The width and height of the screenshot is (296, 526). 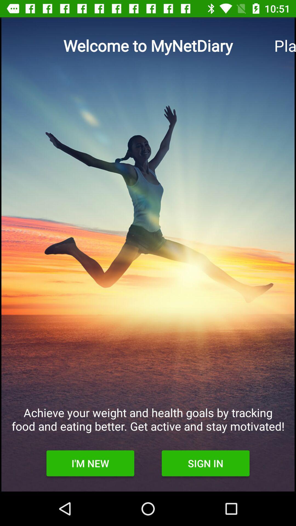 What do you see at coordinates (90, 463) in the screenshot?
I see `the item to the left of the sign in` at bounding box center [90, 463].